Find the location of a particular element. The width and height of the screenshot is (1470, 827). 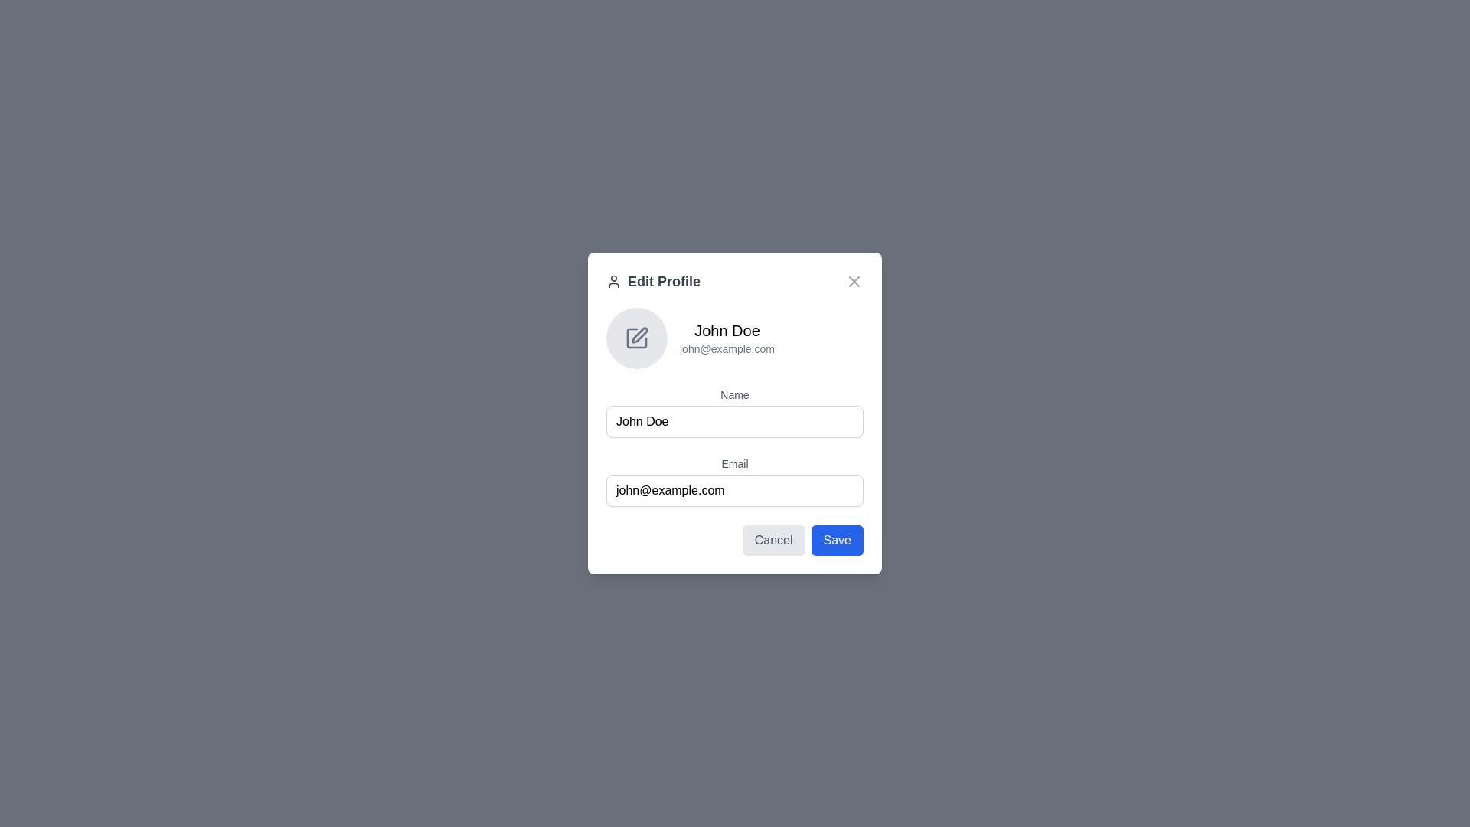

the 'Close' button located at the top-right corner of the 'Edit Profile' dialog box is located at coordinates (854, 281).